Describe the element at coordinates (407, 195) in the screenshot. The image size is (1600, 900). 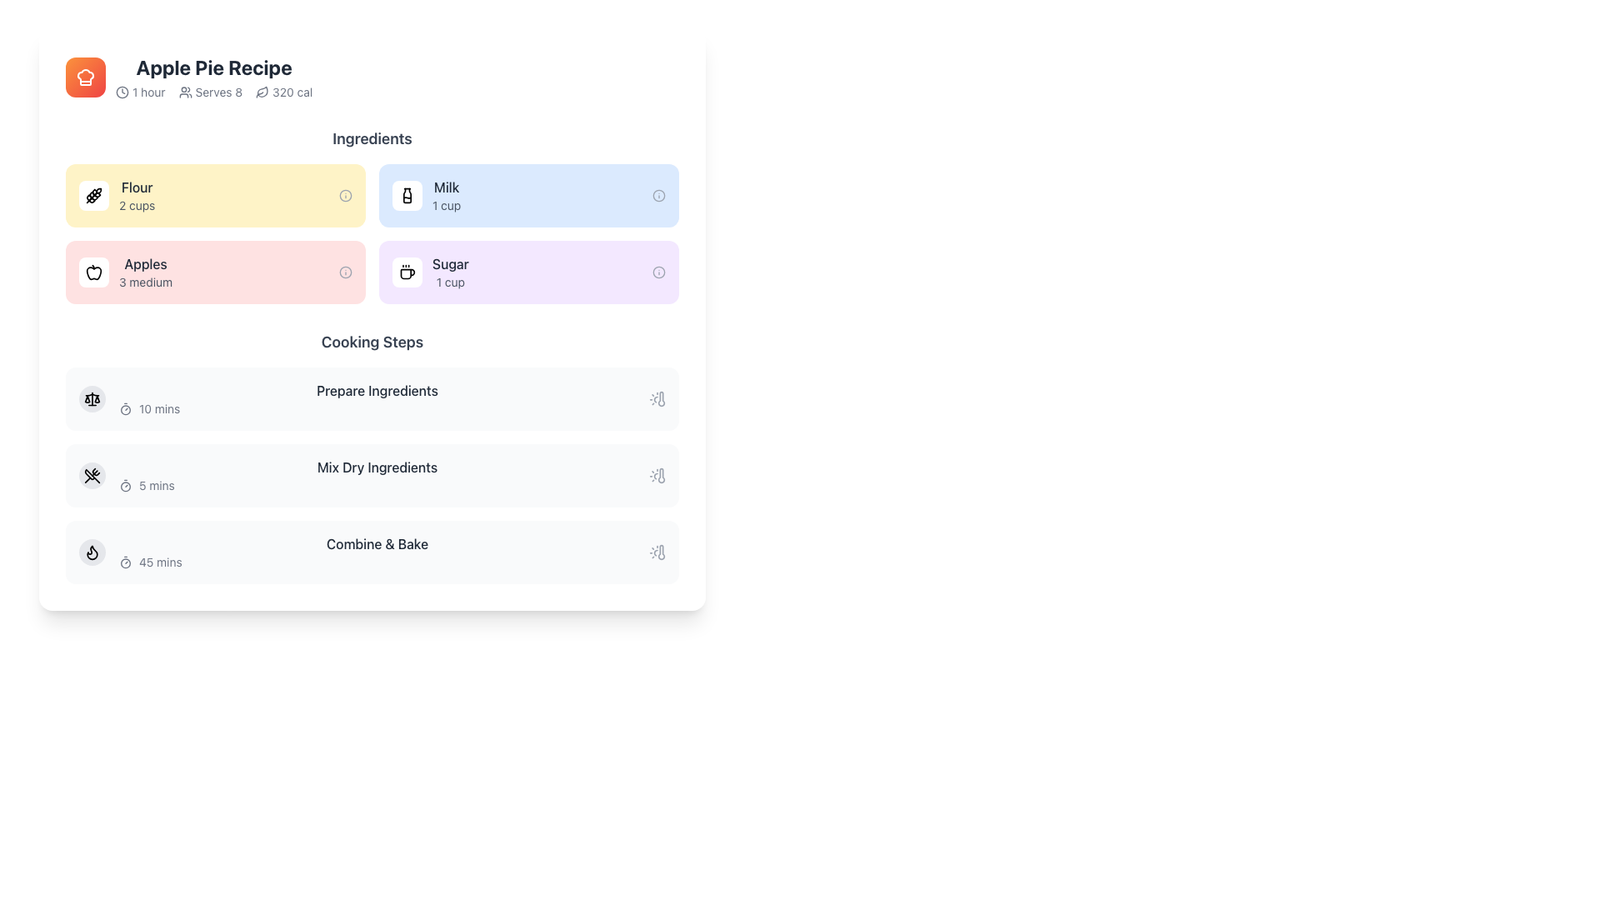
I see `the milk icon in the upper-right section of the 'Ingredients' section, which represents 'Milk - 1 cup'` at that location.